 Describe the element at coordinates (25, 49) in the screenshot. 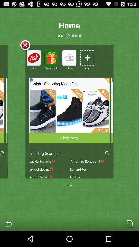

I see `the close icon` at that location.